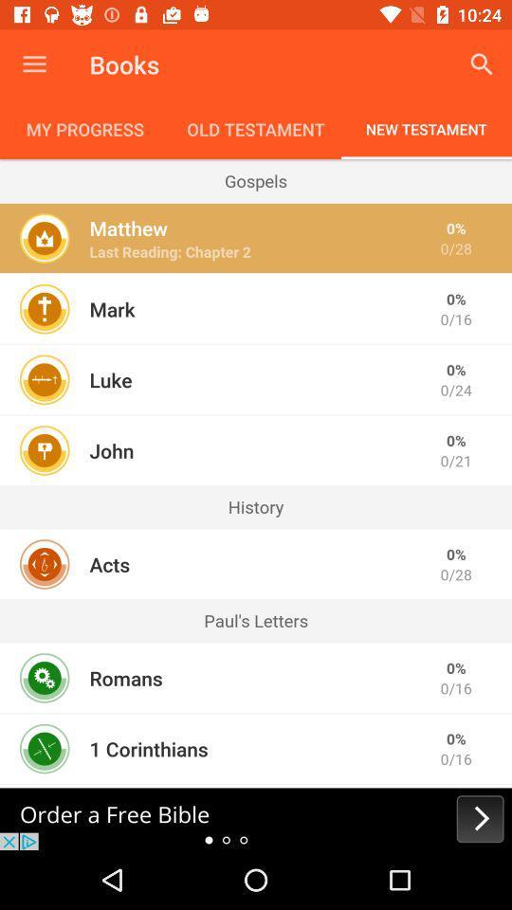  What do you see at coordinates (111, 450) in the screenshot?
I see `icon above history` at bounding box center [111, 450].